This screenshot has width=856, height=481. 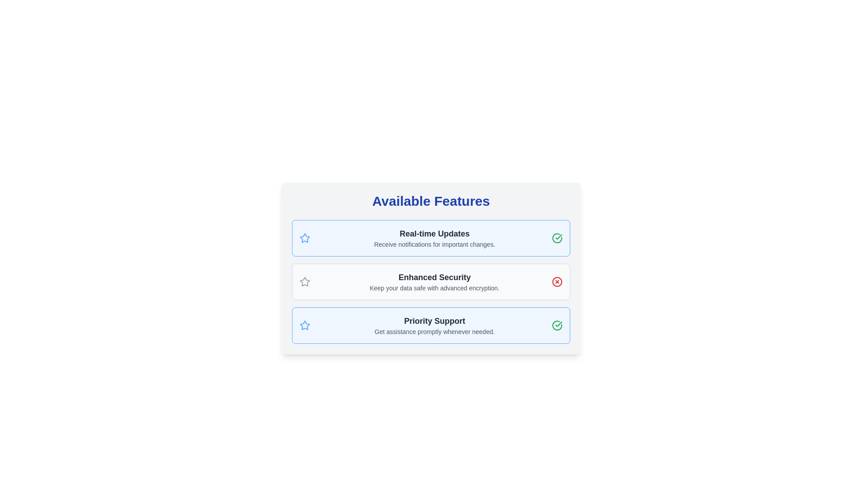 What do you see at coordinates (305, 326) in the screenshot?
I see `the blue star-shaped icon located in the 'Priority Support' section, which is the third option in a stacked list of features` at bounding box center [305, 326].